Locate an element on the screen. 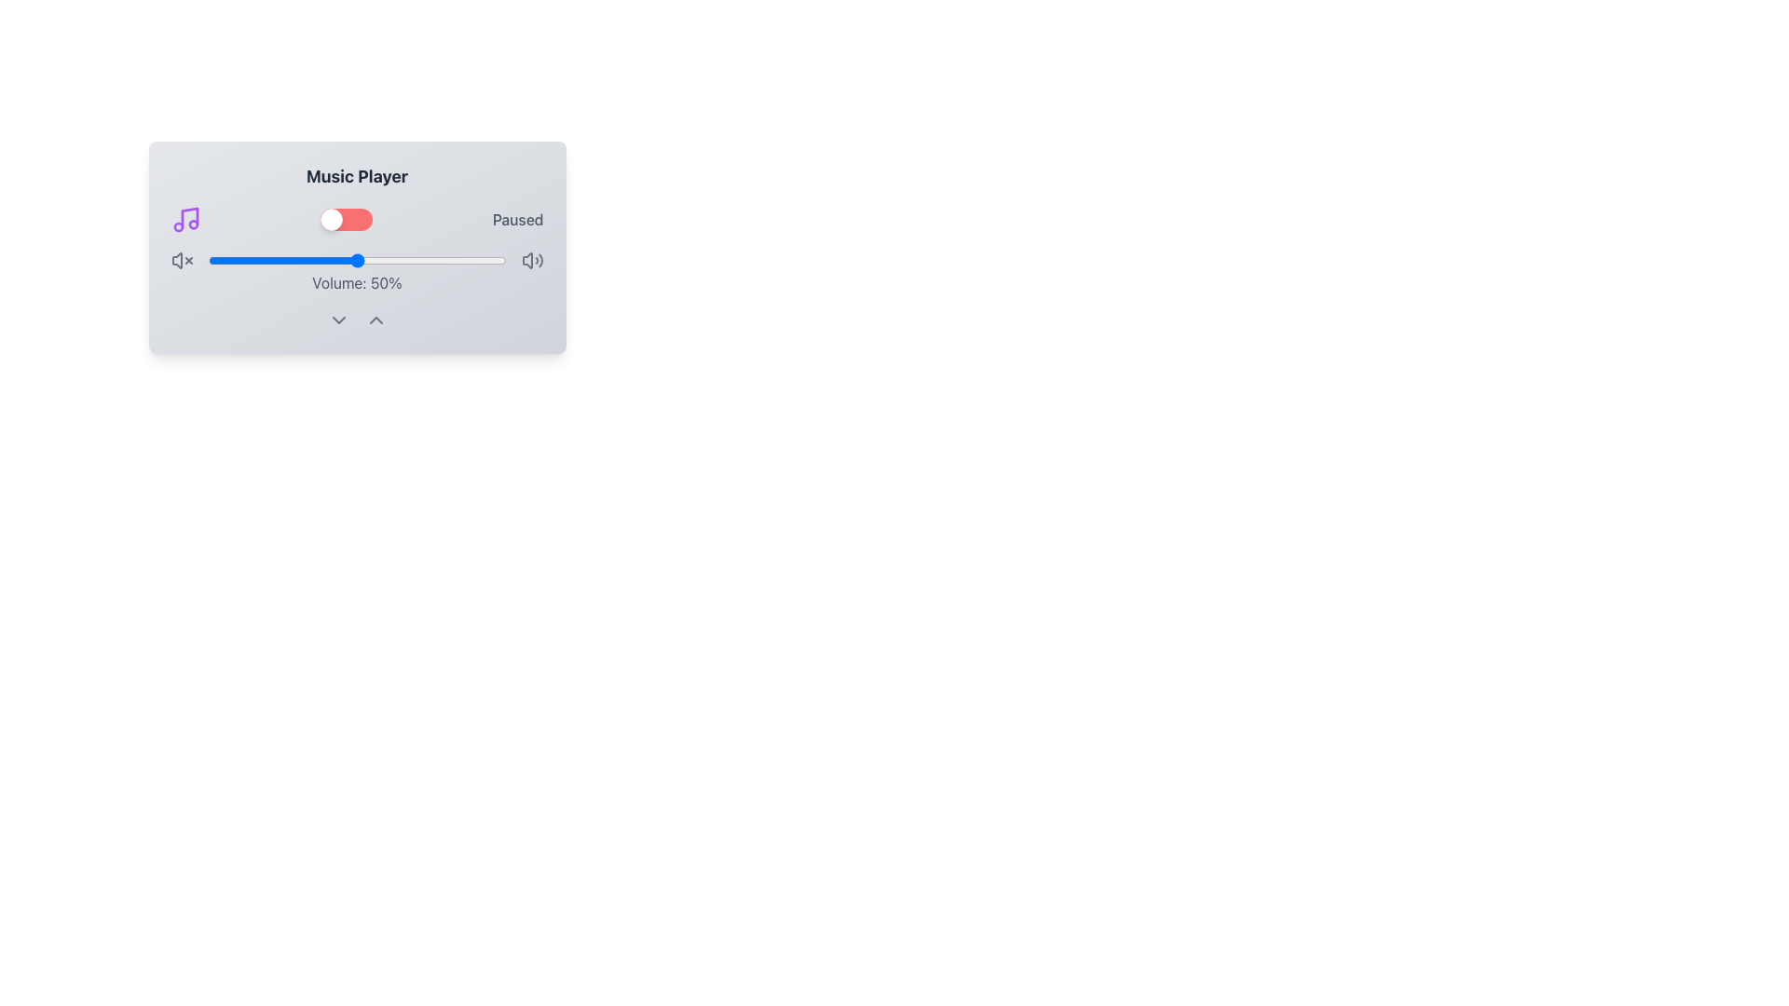 The height and width of the screenshot is (1006, 1789). the volume is located at coordinates (491, 261).